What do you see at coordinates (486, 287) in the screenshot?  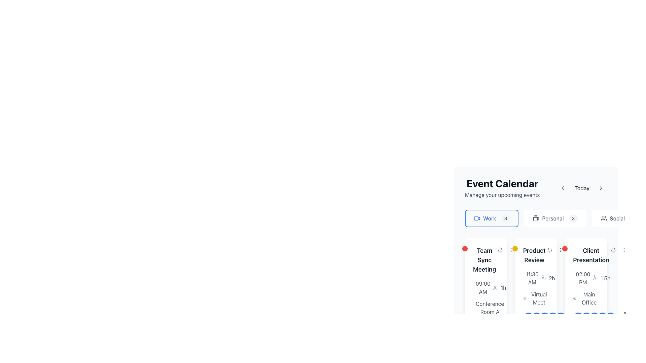 I see `the Text with Icon displaying the time '09:00 AM·1h' located at the top-left of the 'Team Sync Meeting' card` at bounding box center [486, 287].